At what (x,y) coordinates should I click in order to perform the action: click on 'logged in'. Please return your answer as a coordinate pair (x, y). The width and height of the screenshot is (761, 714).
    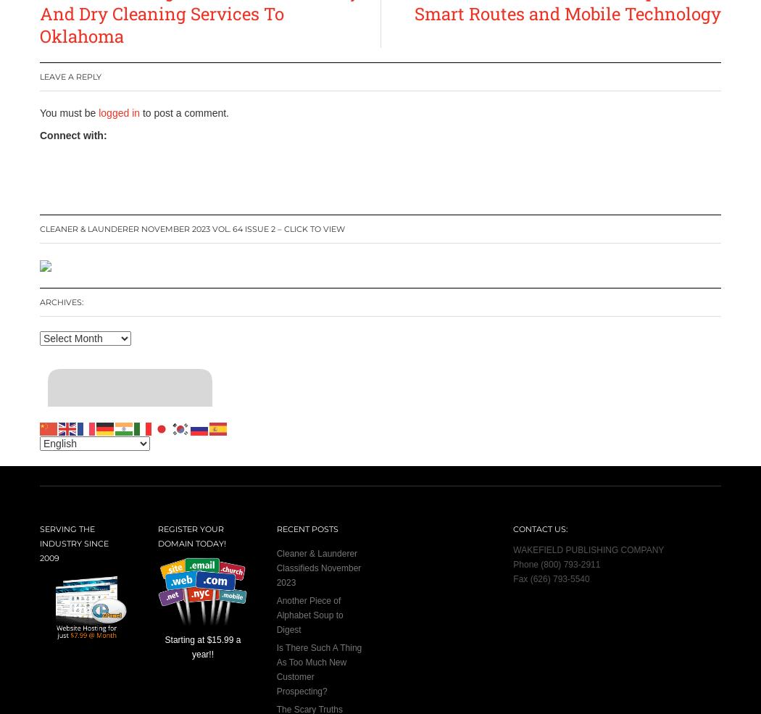
    Looking at the image, I should click on (119, 113).